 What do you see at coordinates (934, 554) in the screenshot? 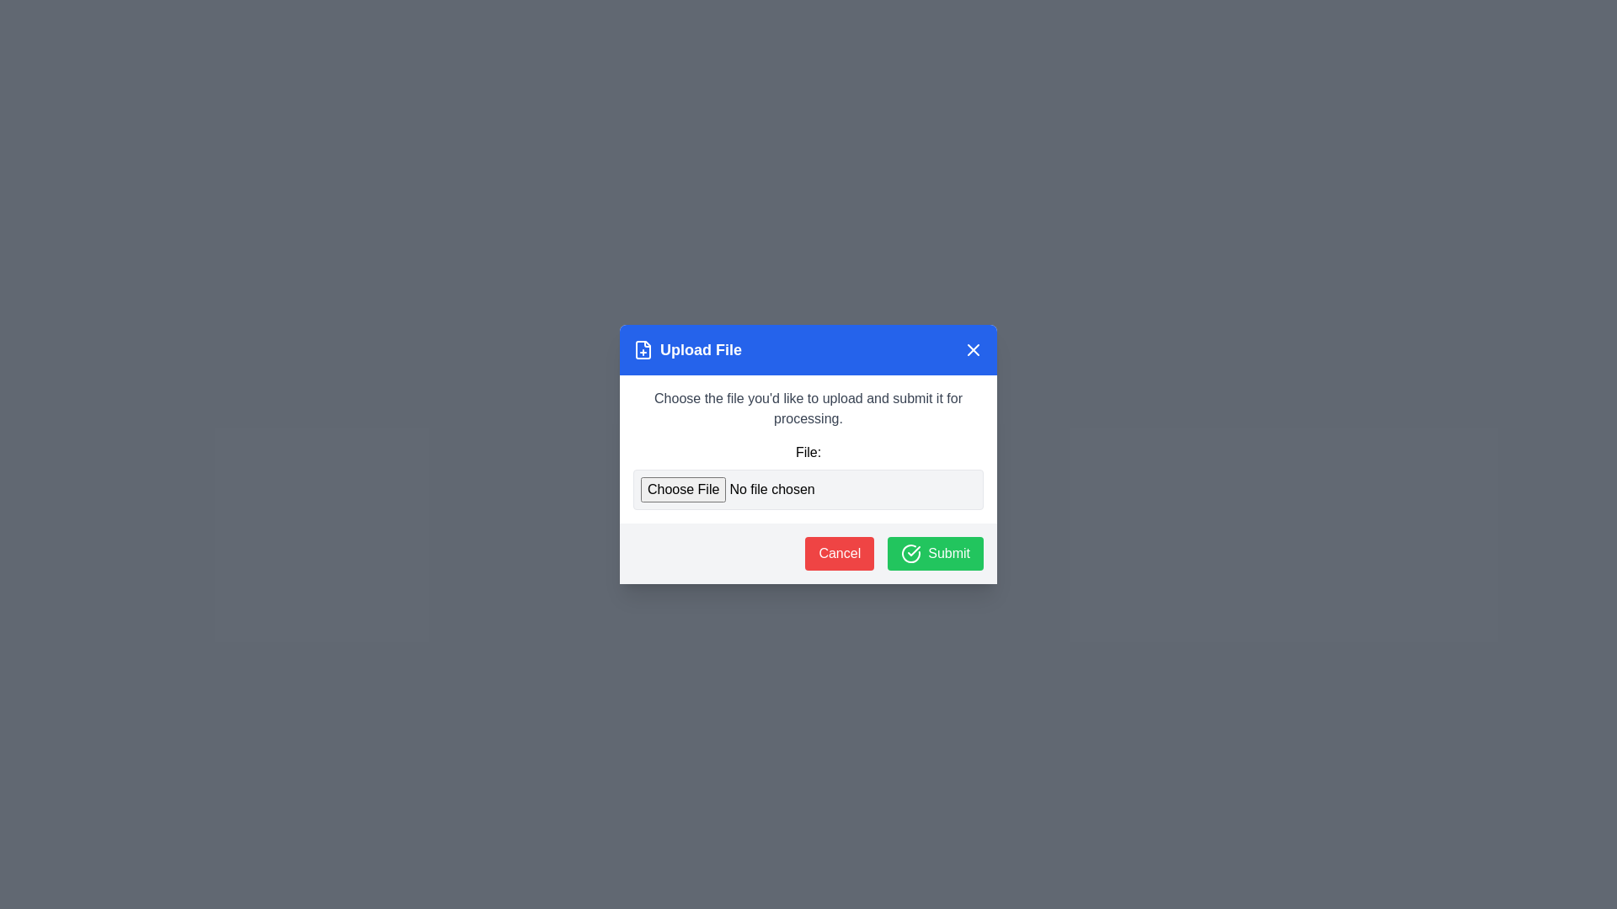
I see `'Submit' button to upload the selected file` at bounding box center [934, 554].